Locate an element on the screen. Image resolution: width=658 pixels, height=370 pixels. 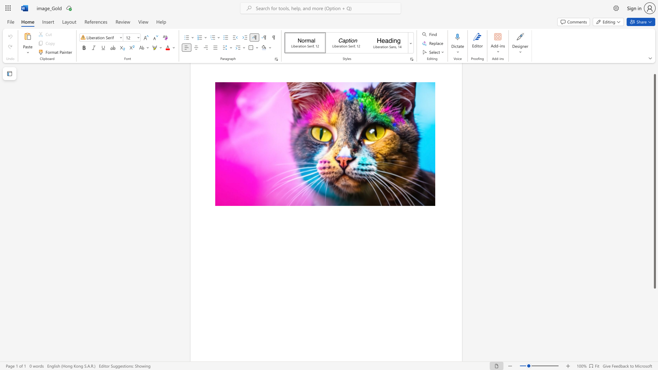
the scrollbar and move up 20 pixels is located at coordinates (654, 181).